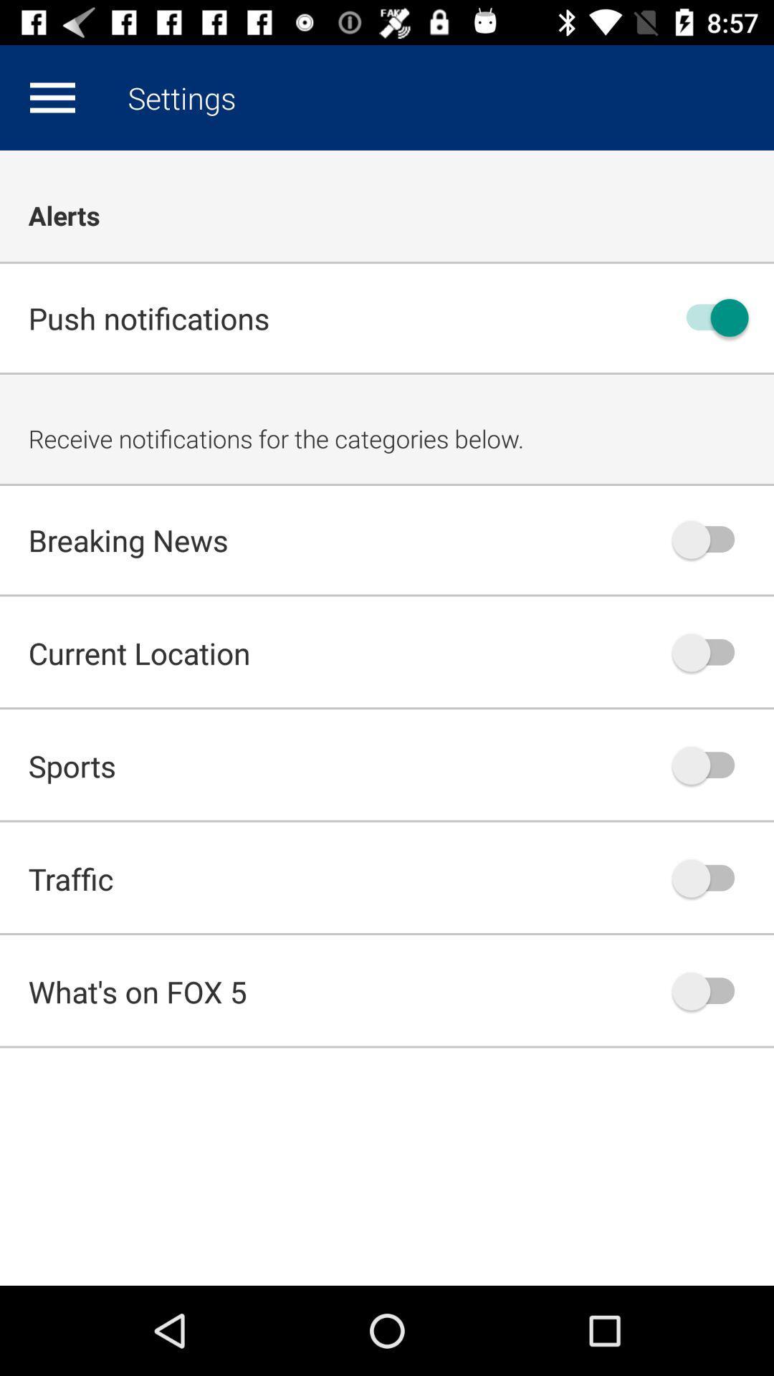  What do you see at coordinates (710, 765) in the screenshot?
I see `push notifications for sports` at bounding box center [710, 765].